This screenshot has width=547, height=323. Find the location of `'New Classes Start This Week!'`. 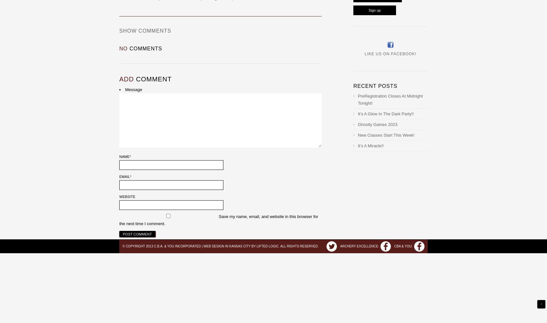

'New Classes Start This Week!' is located at coordinates (386, 135).